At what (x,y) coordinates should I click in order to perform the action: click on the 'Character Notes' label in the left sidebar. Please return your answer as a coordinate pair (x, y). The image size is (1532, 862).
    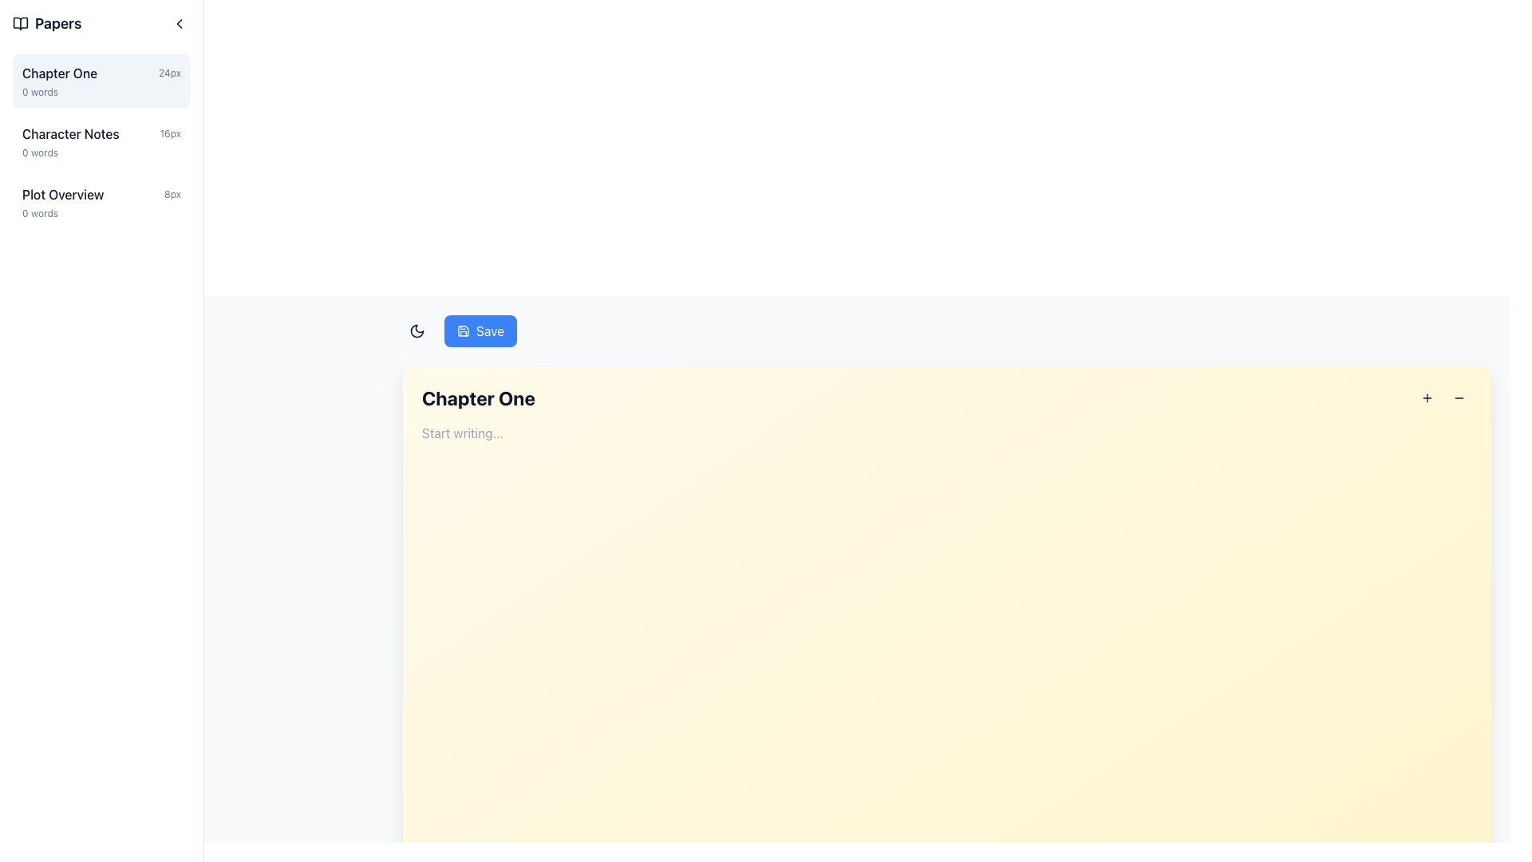
    Looking at the image, I should click on (69, 133).